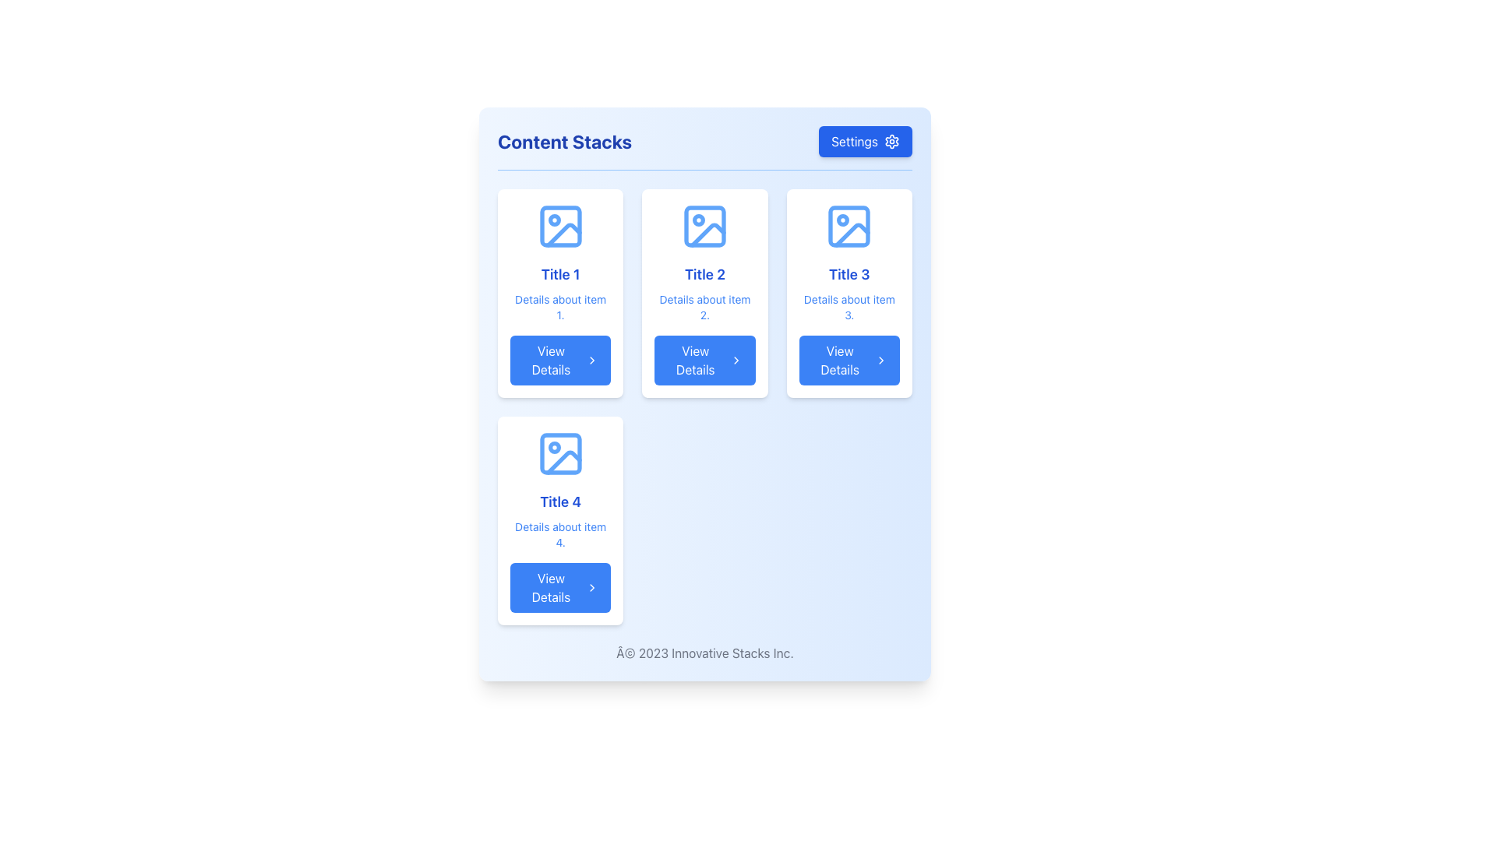  What do you see at coordinates (554, 447) in the screenshot?
I see `the Decorative Circle element located within the image icon of the fourth content item ('Title 4') in the layout` at bounding box center [554, 447].